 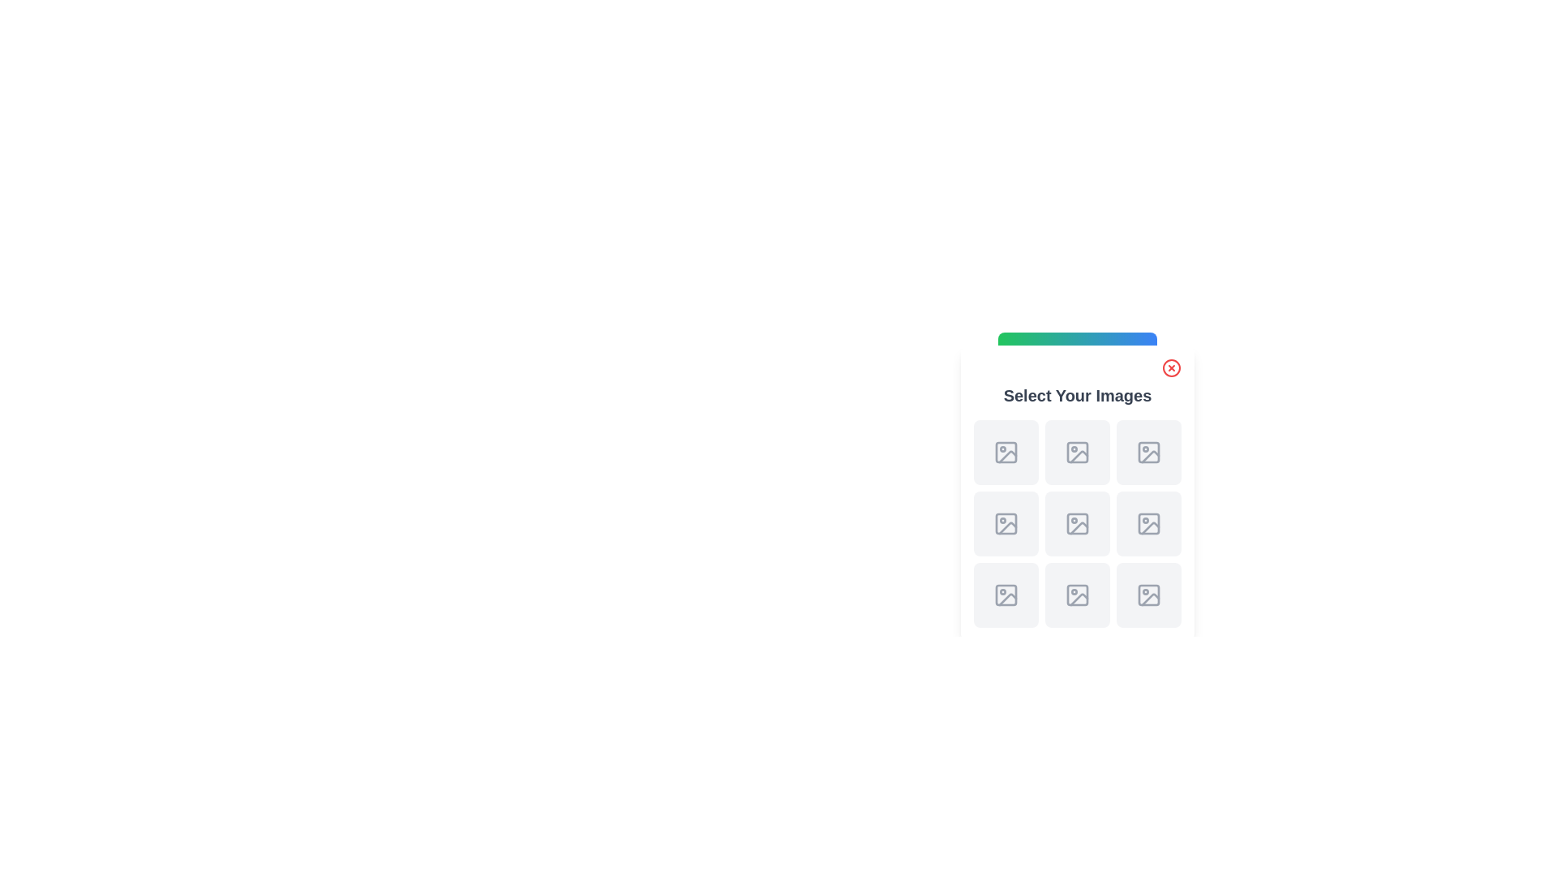 I want to click on the Icon Button located in the last row, middle column of the grid, which features a light gray background and an image placeholder icon, so click(x=1078, y=595).